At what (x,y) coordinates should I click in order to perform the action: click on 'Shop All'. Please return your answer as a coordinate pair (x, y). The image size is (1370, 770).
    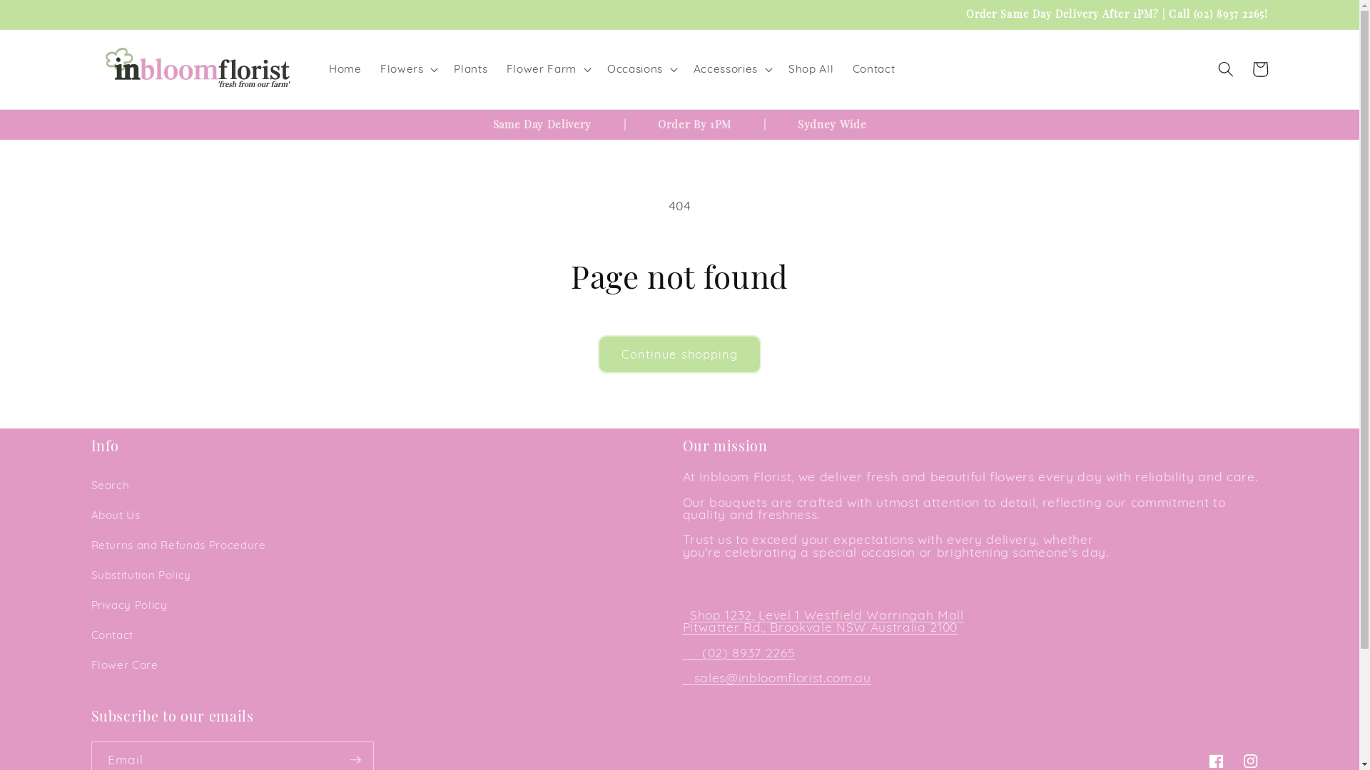
    Looking at the image, I should click on (811, 68).